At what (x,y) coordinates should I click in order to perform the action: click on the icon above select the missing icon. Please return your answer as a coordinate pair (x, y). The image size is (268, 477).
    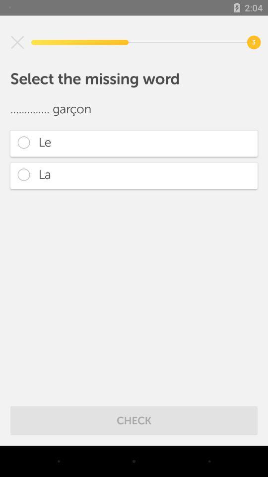
    Looking at the image, I should click on (17, 42).